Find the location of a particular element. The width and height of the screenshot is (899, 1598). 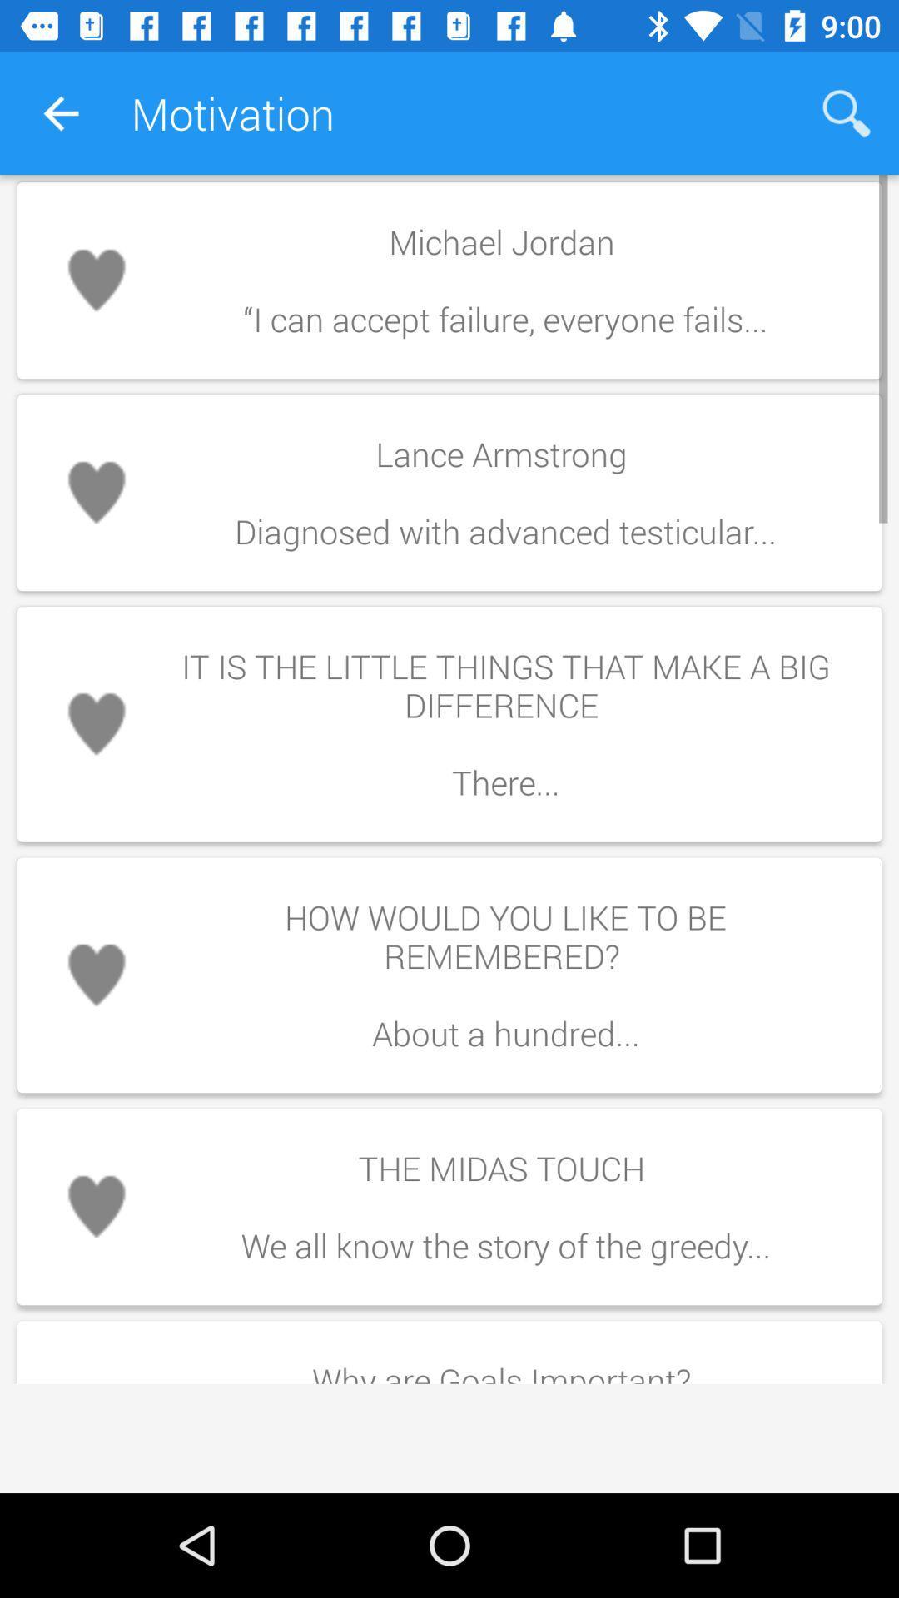

the app next to motivation icon is located at coordinates (60, 112).